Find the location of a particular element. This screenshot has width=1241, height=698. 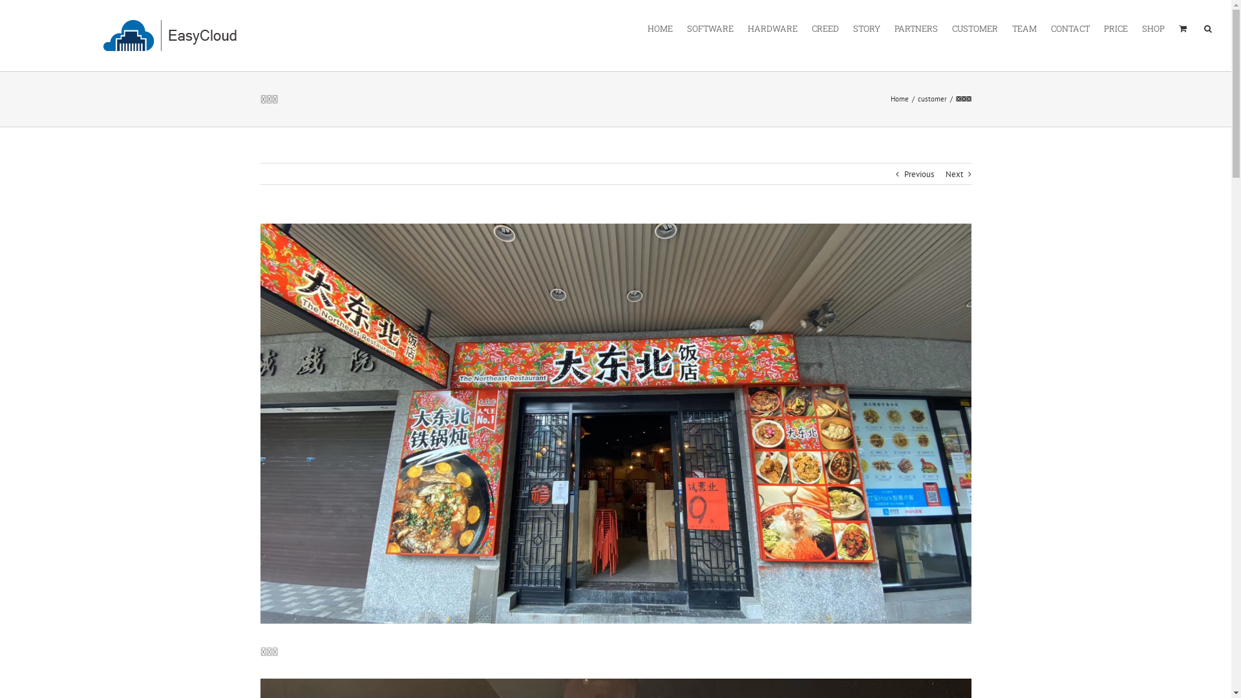

'Search' is located at coordinates (1207, 27).